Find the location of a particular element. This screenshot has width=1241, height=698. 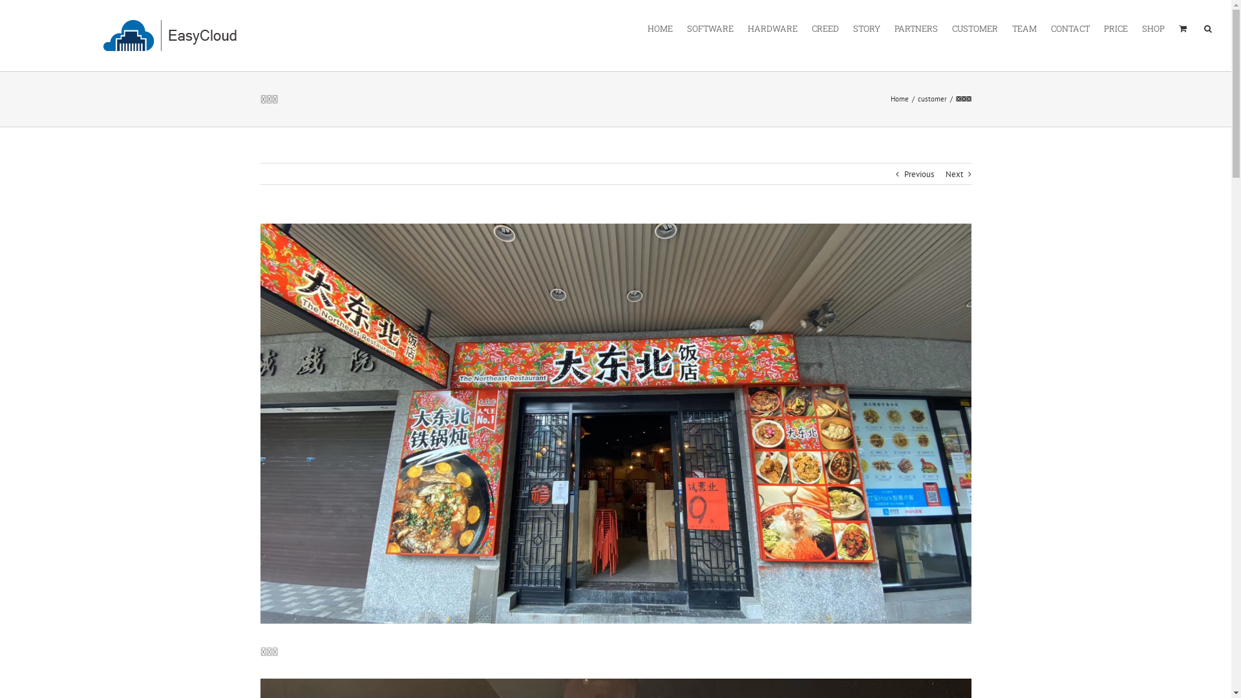

'Search' is located at coordinates (1207, 27).